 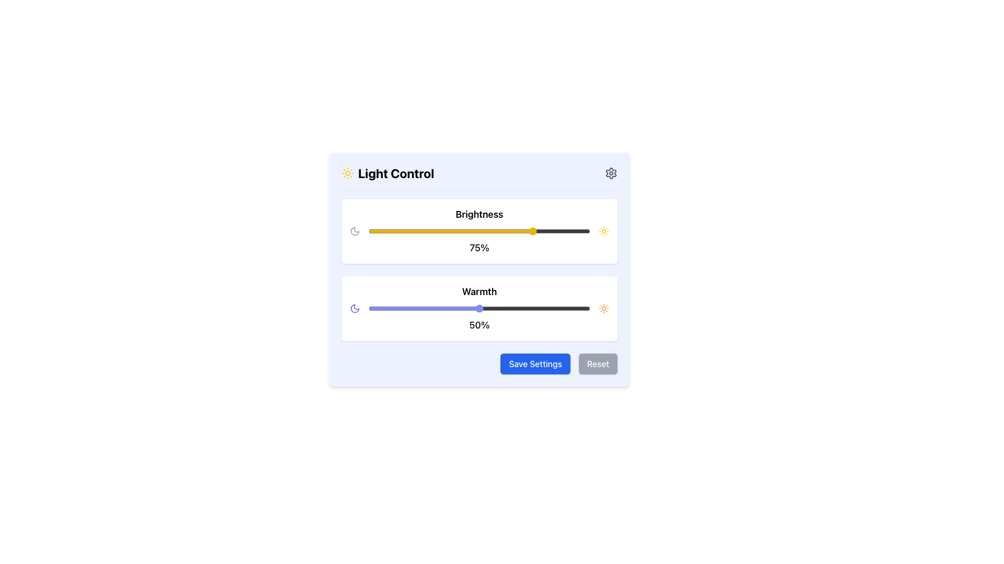 What do you see at coordinates (476, 231) in the screenshot?
I see `brightness` at bounding box center [476, 231].